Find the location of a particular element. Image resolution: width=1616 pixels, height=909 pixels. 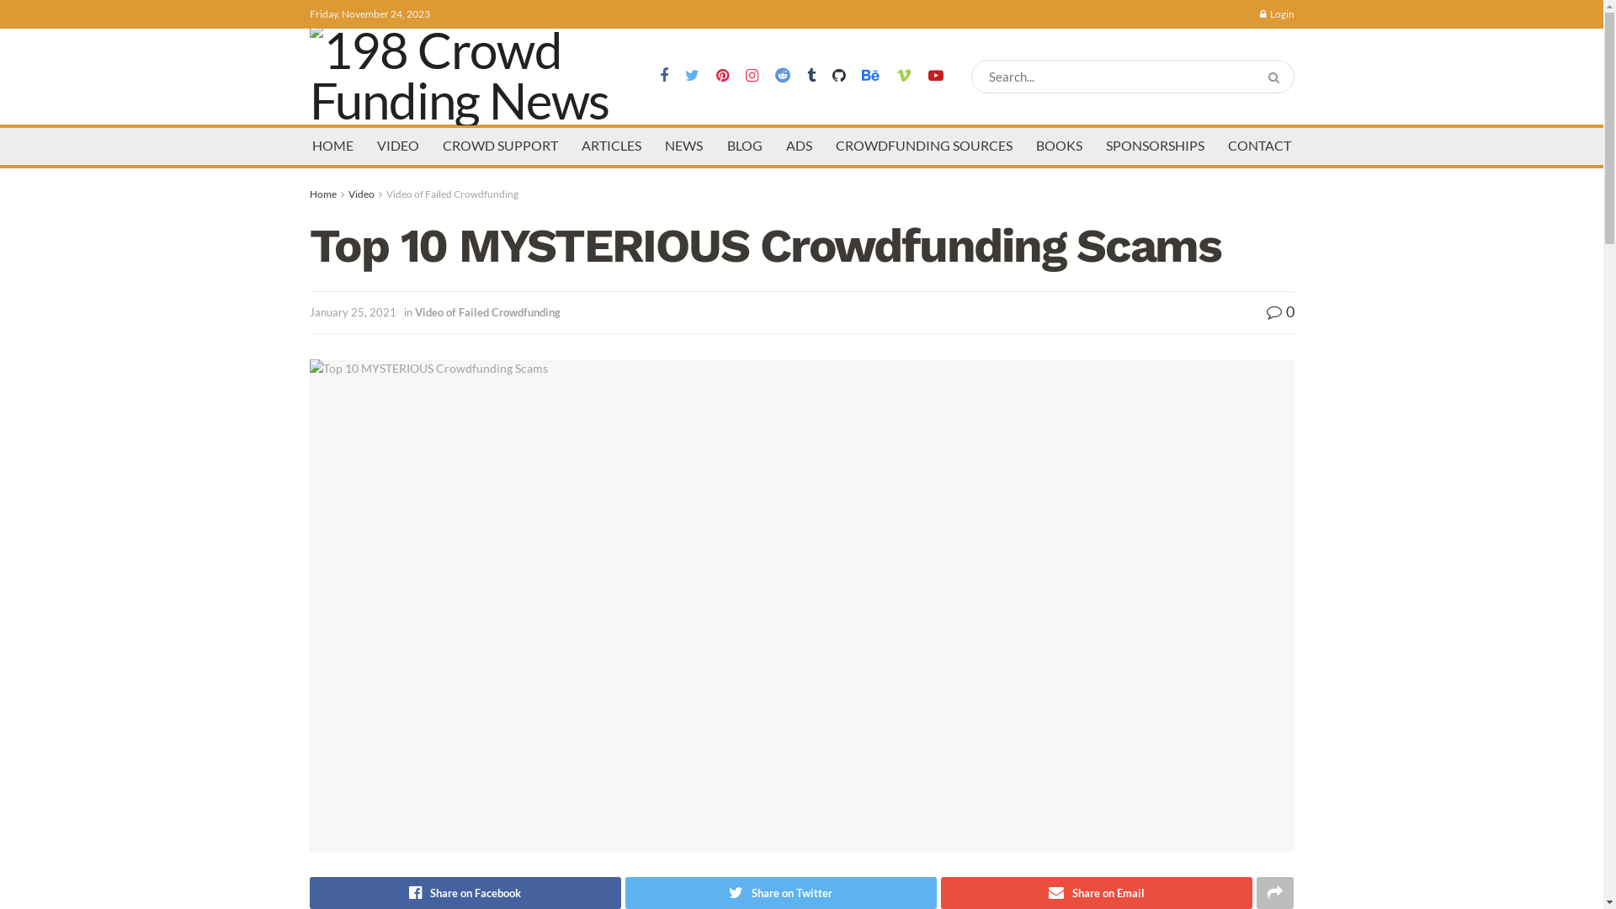

'CROWD SUPPORT' is located at coordinates (499, 144).